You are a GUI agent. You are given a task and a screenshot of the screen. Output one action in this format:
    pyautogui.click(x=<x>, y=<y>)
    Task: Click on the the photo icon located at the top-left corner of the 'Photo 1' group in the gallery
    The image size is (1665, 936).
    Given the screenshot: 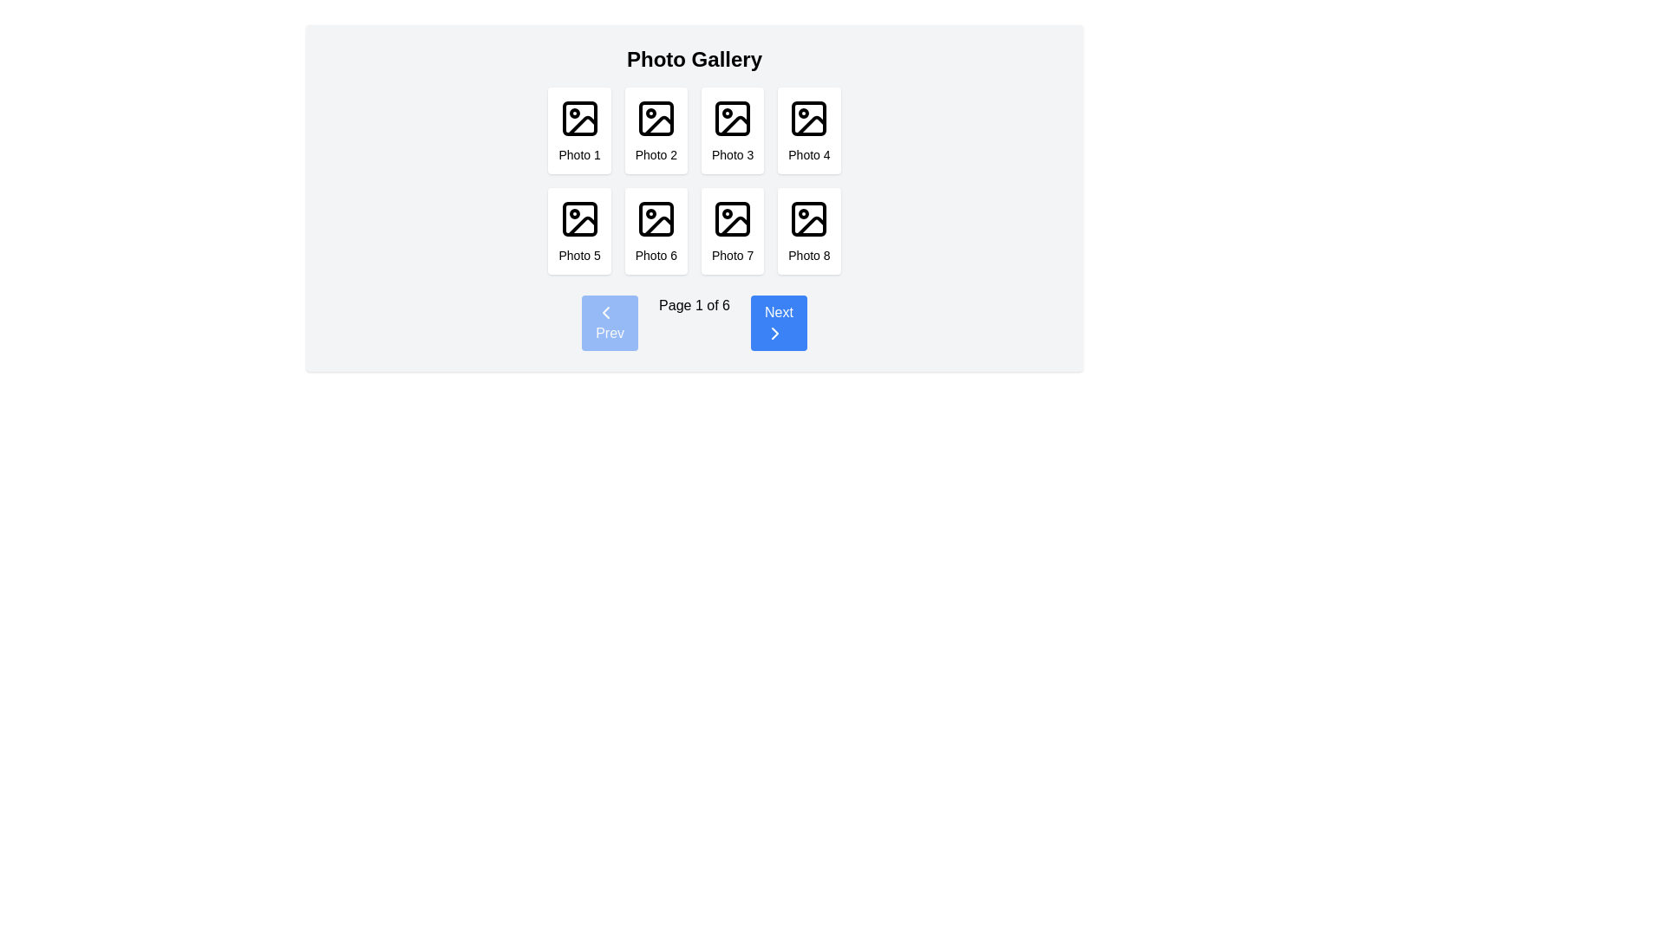 What is the action you would take?
    pyautogui.click(x=579, y=118)
    